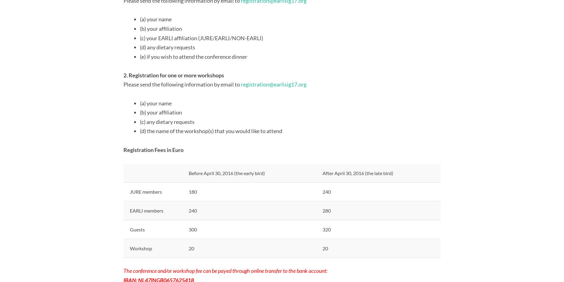  Describe the element at coordinates (193, 191) in the screenshot. I see `'180'` at that location.